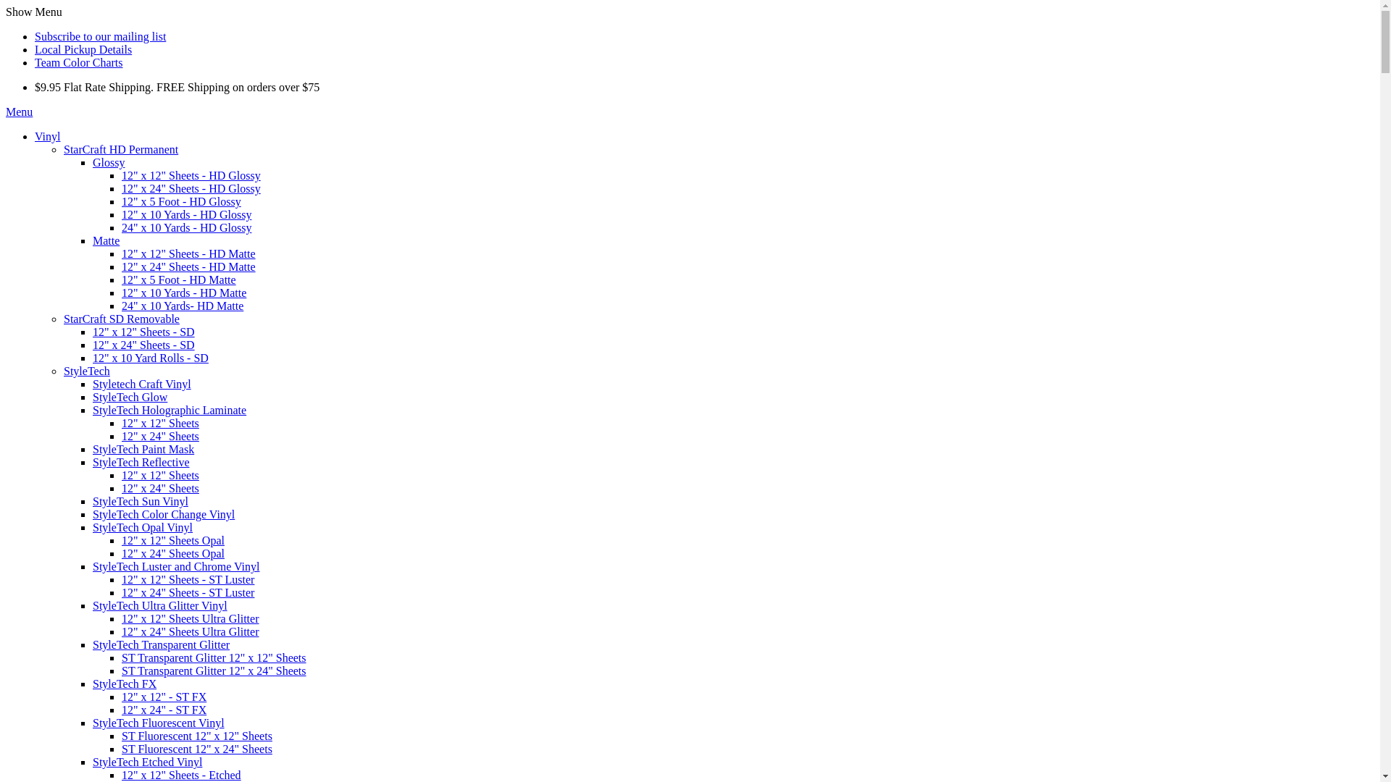  Describe the element at coordinates (164, 709) in the screenshot. I see `'12" x 24" - ST FX'` at that location.